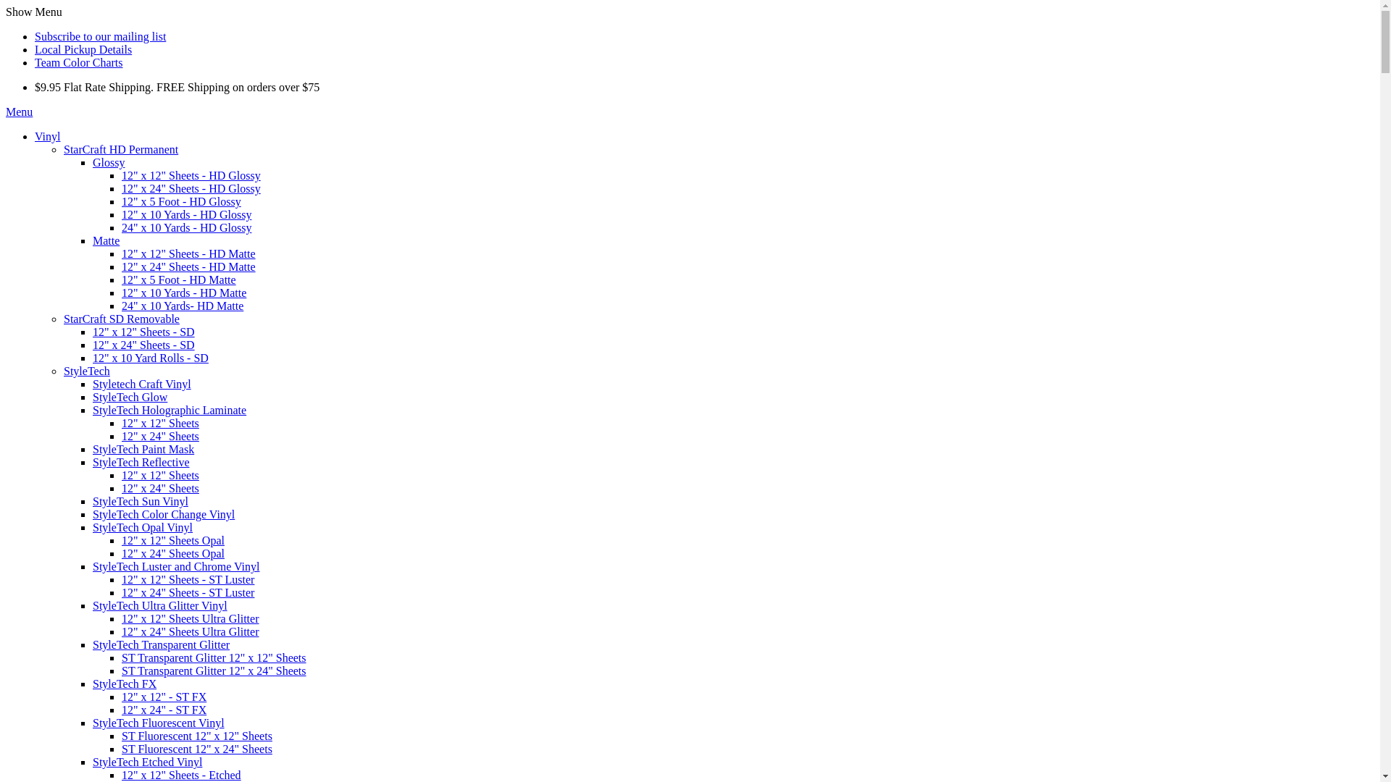  Describe the element at coordinates (164, 709) in the screenshot. I see `'12" x 24" - ST FX'` at that location.